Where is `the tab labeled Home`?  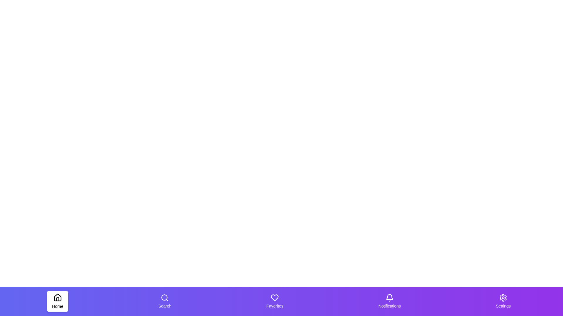
the tab labeled Home is located at coordinates (57, 301).